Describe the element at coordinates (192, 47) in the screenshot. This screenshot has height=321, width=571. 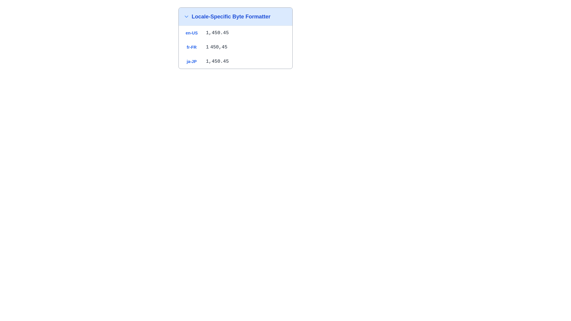
I see `the static text displaying the locale identifier for the French language and region, located in the second row under 'Locale-Specific Byte Formatter', to the left of '1 450,45'` at that location.